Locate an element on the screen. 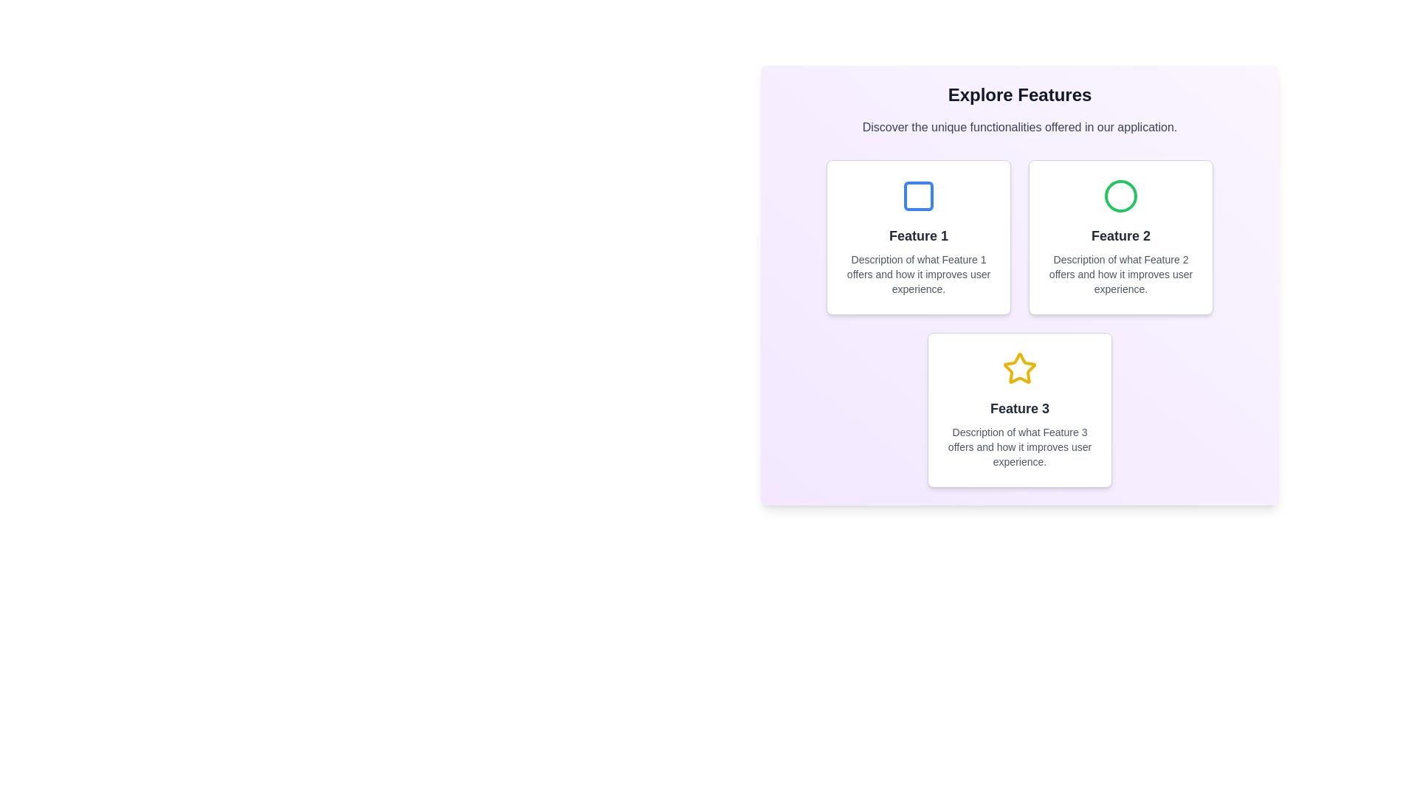 The image size is (1417, 797). the 'Feature 3' text label is located at coordinates (1019, 409).